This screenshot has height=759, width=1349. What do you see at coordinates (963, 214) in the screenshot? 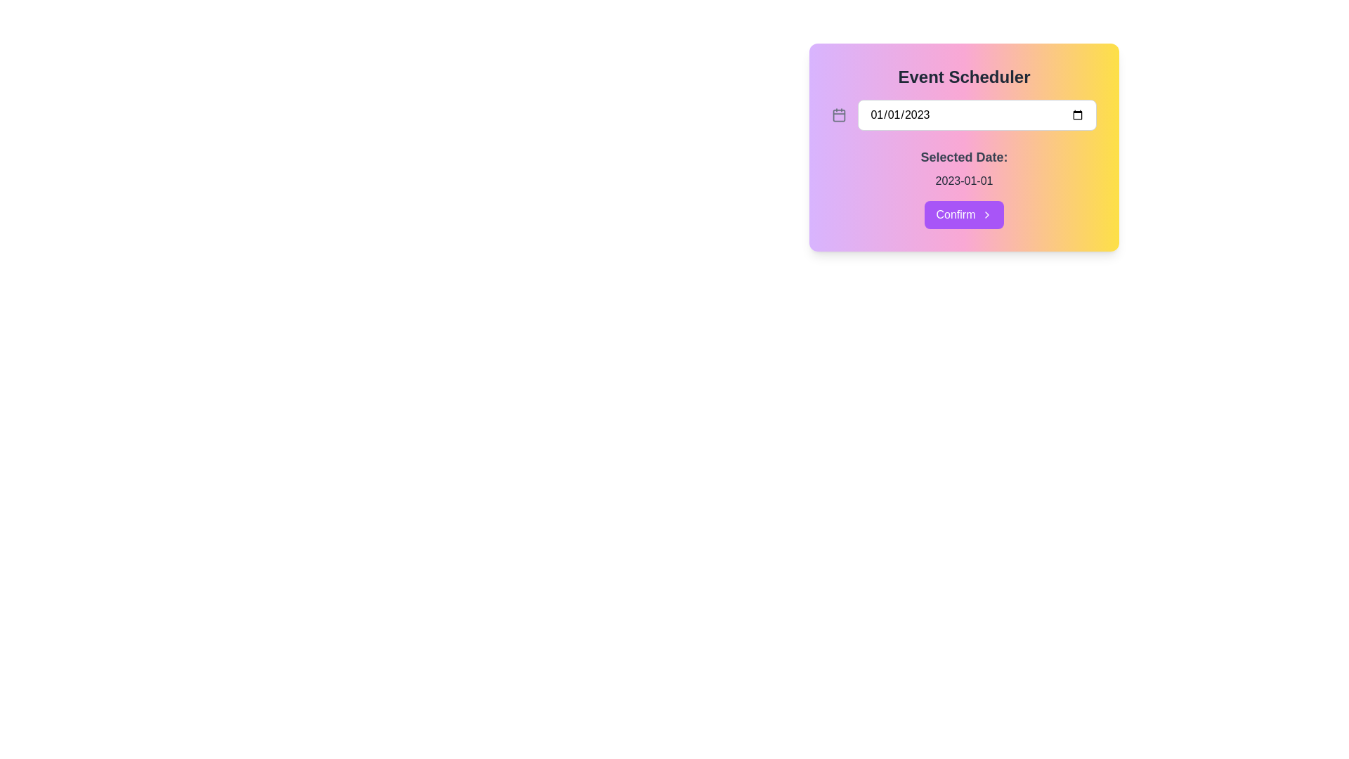
I see `the confirmation button located at the center of the colorful card labeled 'Event Scheduler', positioned below the text 'Selected Date: 2023-01-01', to confirm the selection` at bounding box center [963, 214].